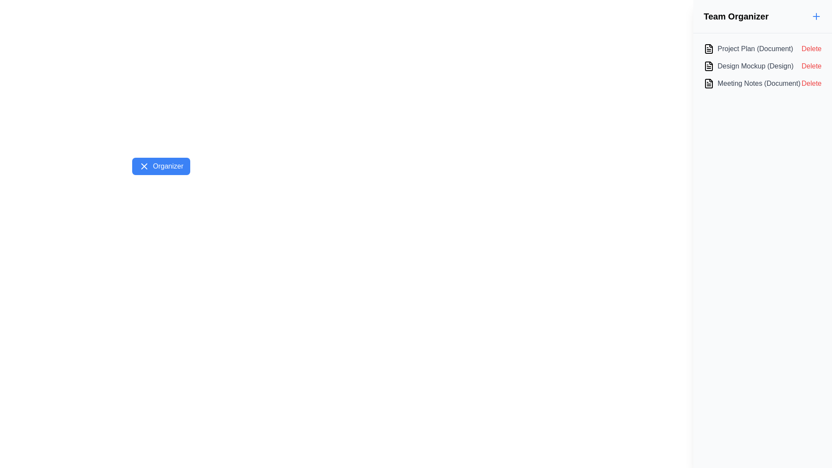 The width and height of the screenshot is (832, 468). I want to click on the interactive text button for deleting the 'Design Mockup (Design)' item to potentially display a tooltip or visual feedback, so click(811, 66).